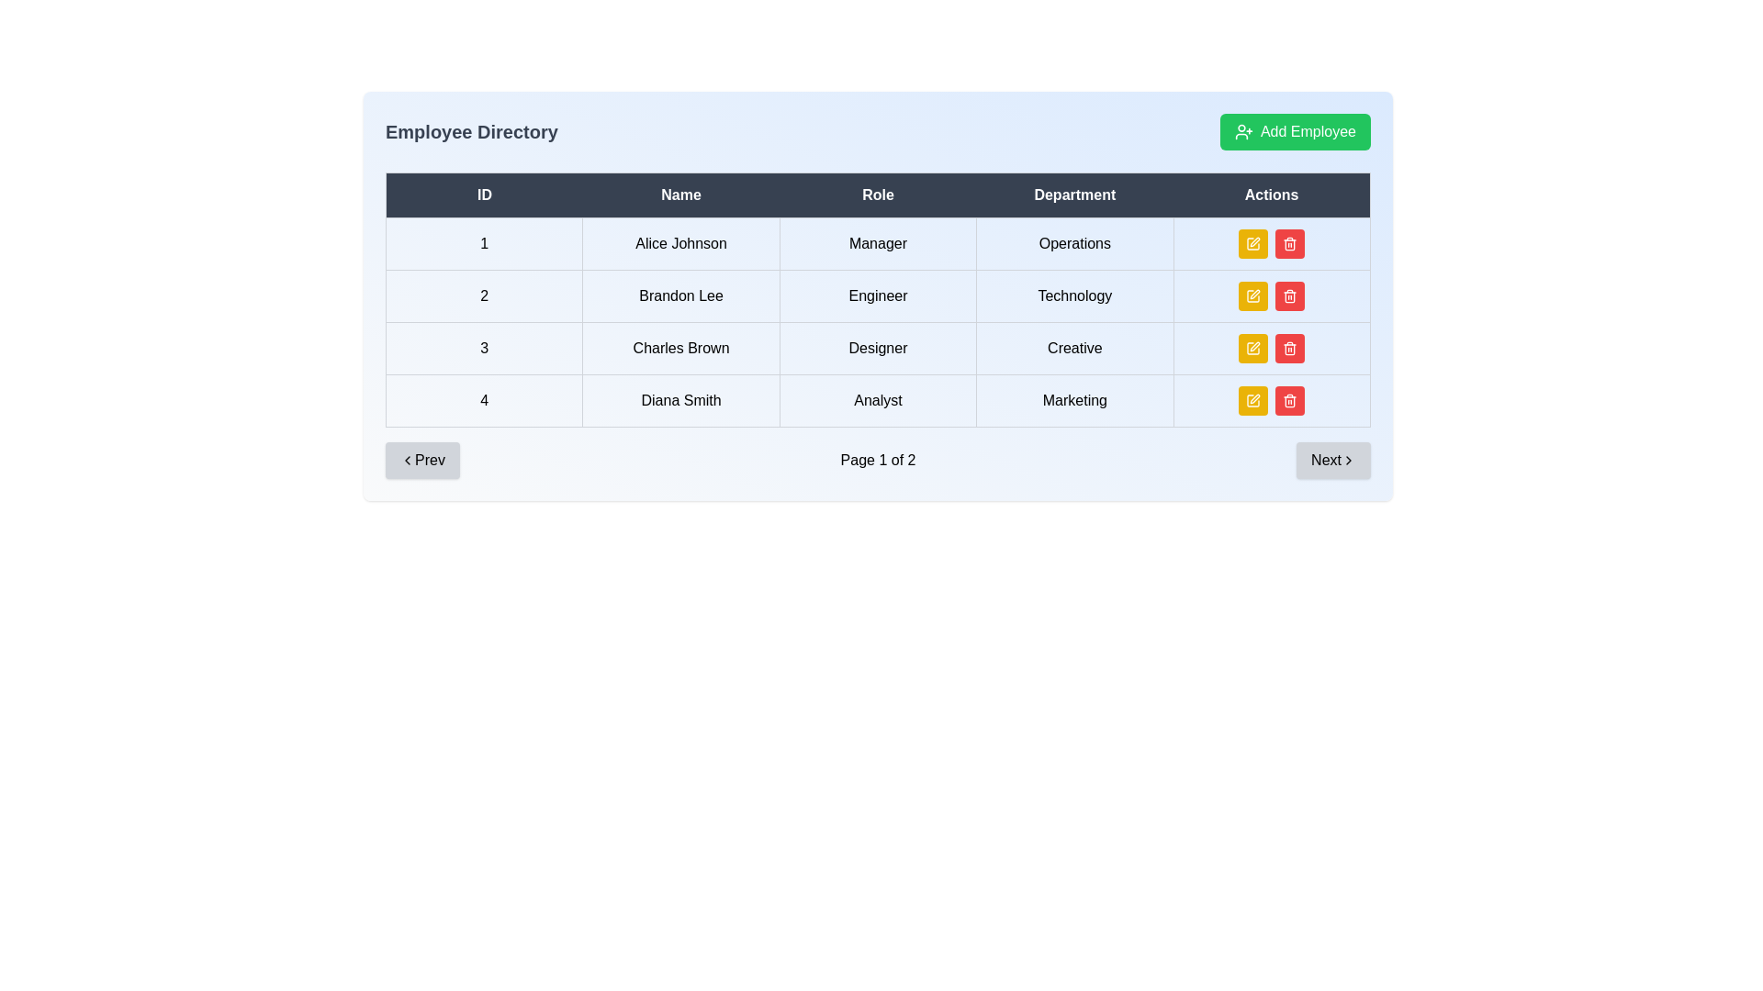 The height and width of the screenshot is (991, 1763). What do you see at coordinates (484, 195) in the screenshot?
I see `the Table header cell labeled 'ID', which is a gray rectangular area with white text centered in it, located at the top-left corner of the table` at bounding box center [484, 195].